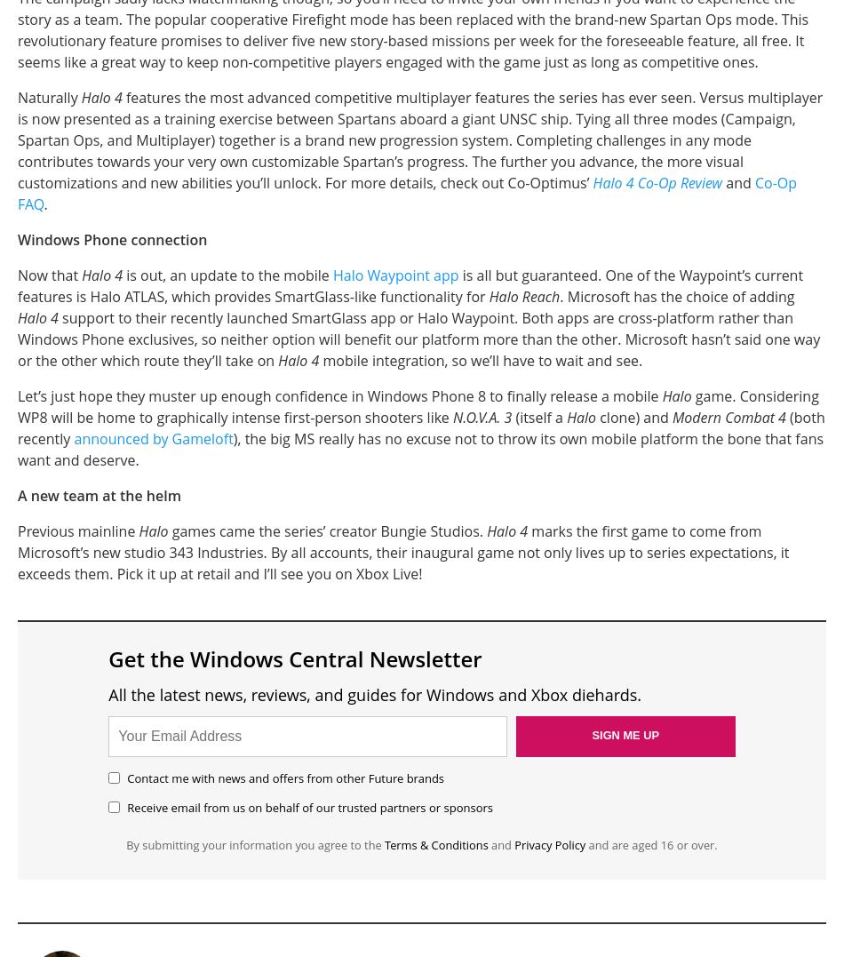 Image resolution: width=844 pixels, height=957 pixels. What do you see at coordinates (452, 417) in the screenshot?
I see `'N.O.V.A. 3'` at bounding box center [452, 417].